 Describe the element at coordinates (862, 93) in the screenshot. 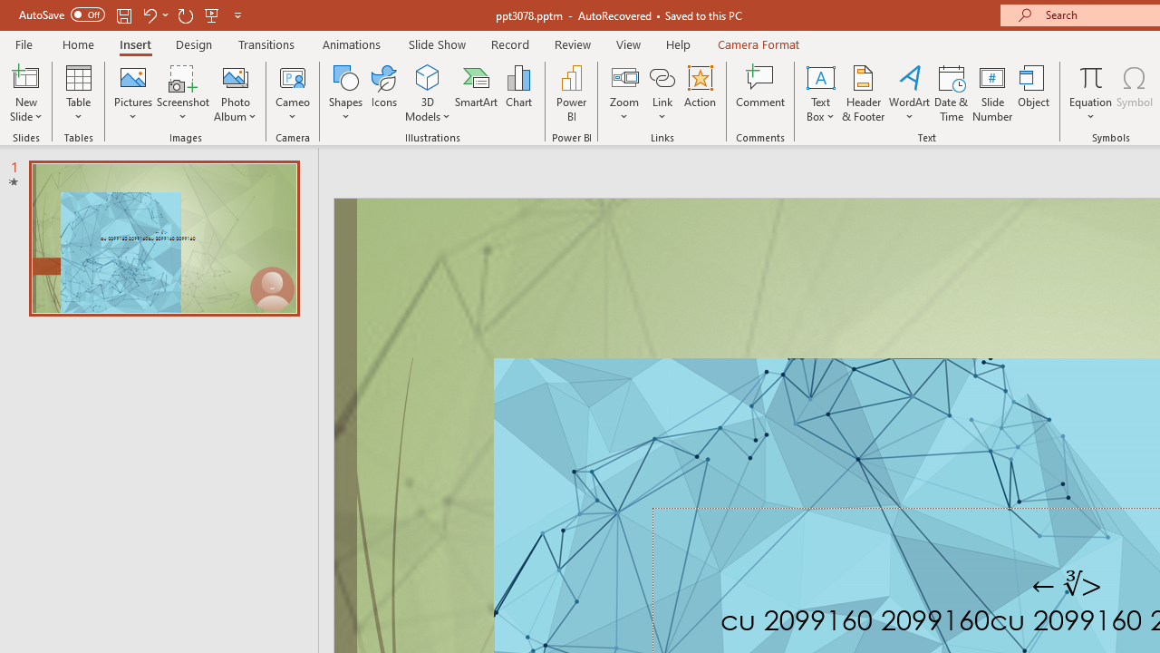

I see `'Header & Footer...'` at that location.